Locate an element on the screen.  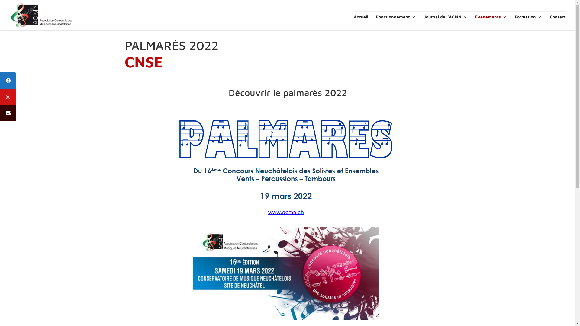
'Formation' is located at coordinates (528, 22).